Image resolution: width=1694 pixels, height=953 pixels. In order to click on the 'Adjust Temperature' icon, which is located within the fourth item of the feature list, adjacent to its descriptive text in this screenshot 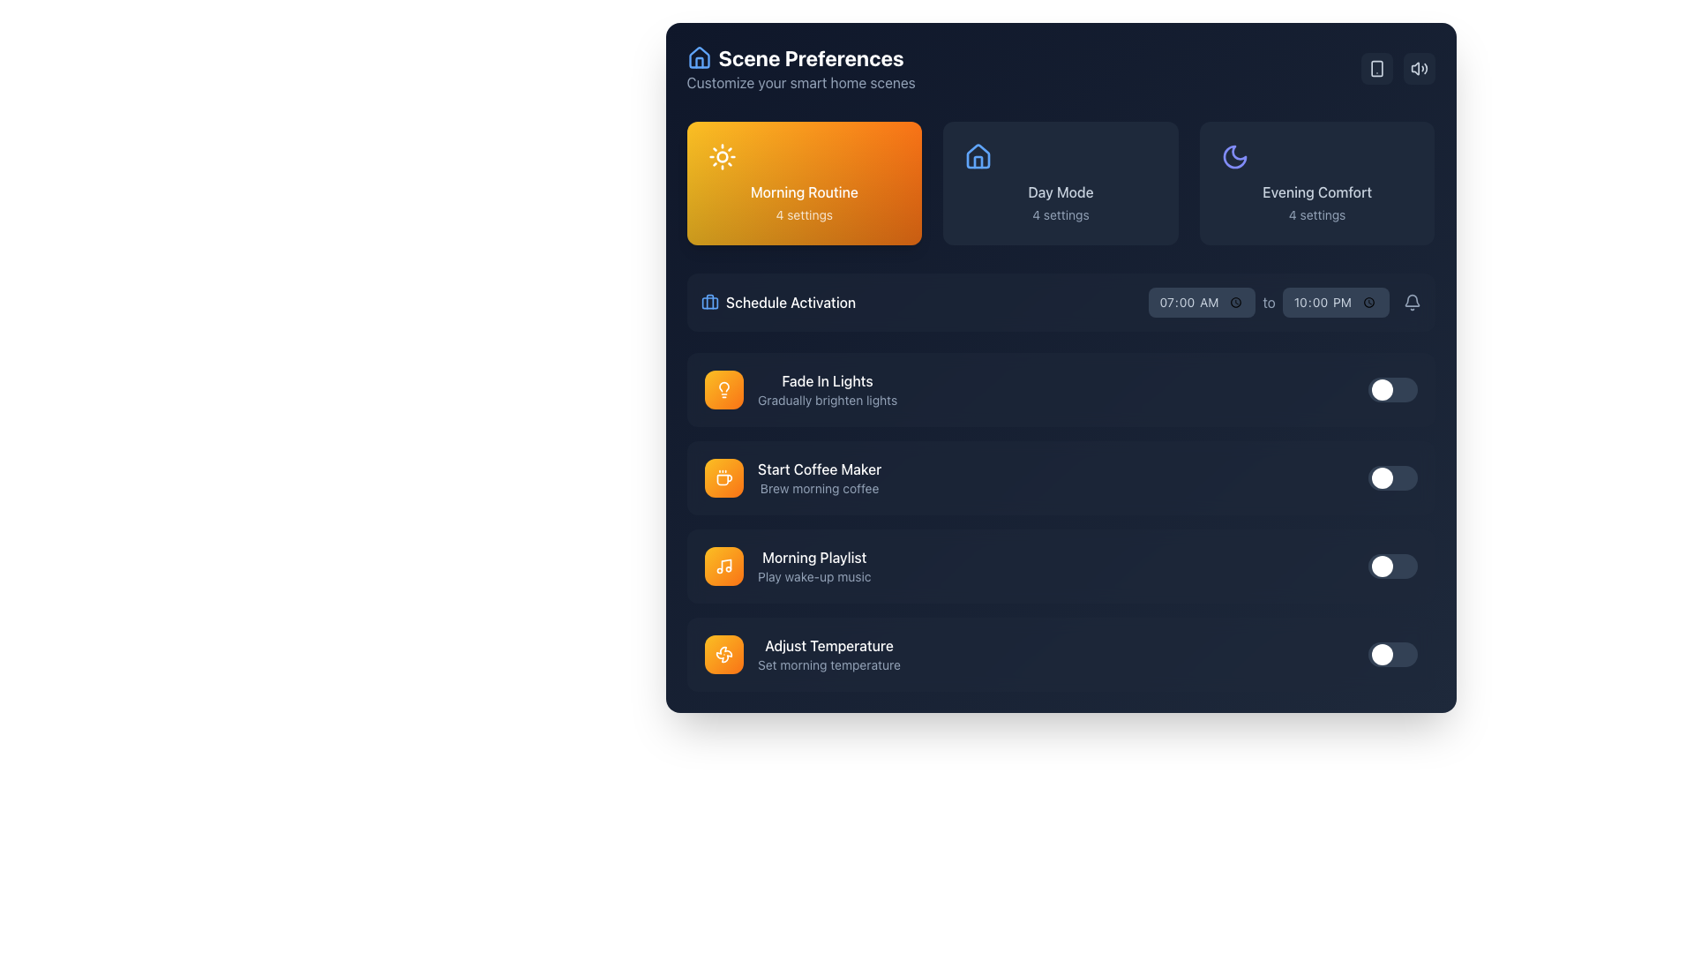, I will do `click(723, 654)`.